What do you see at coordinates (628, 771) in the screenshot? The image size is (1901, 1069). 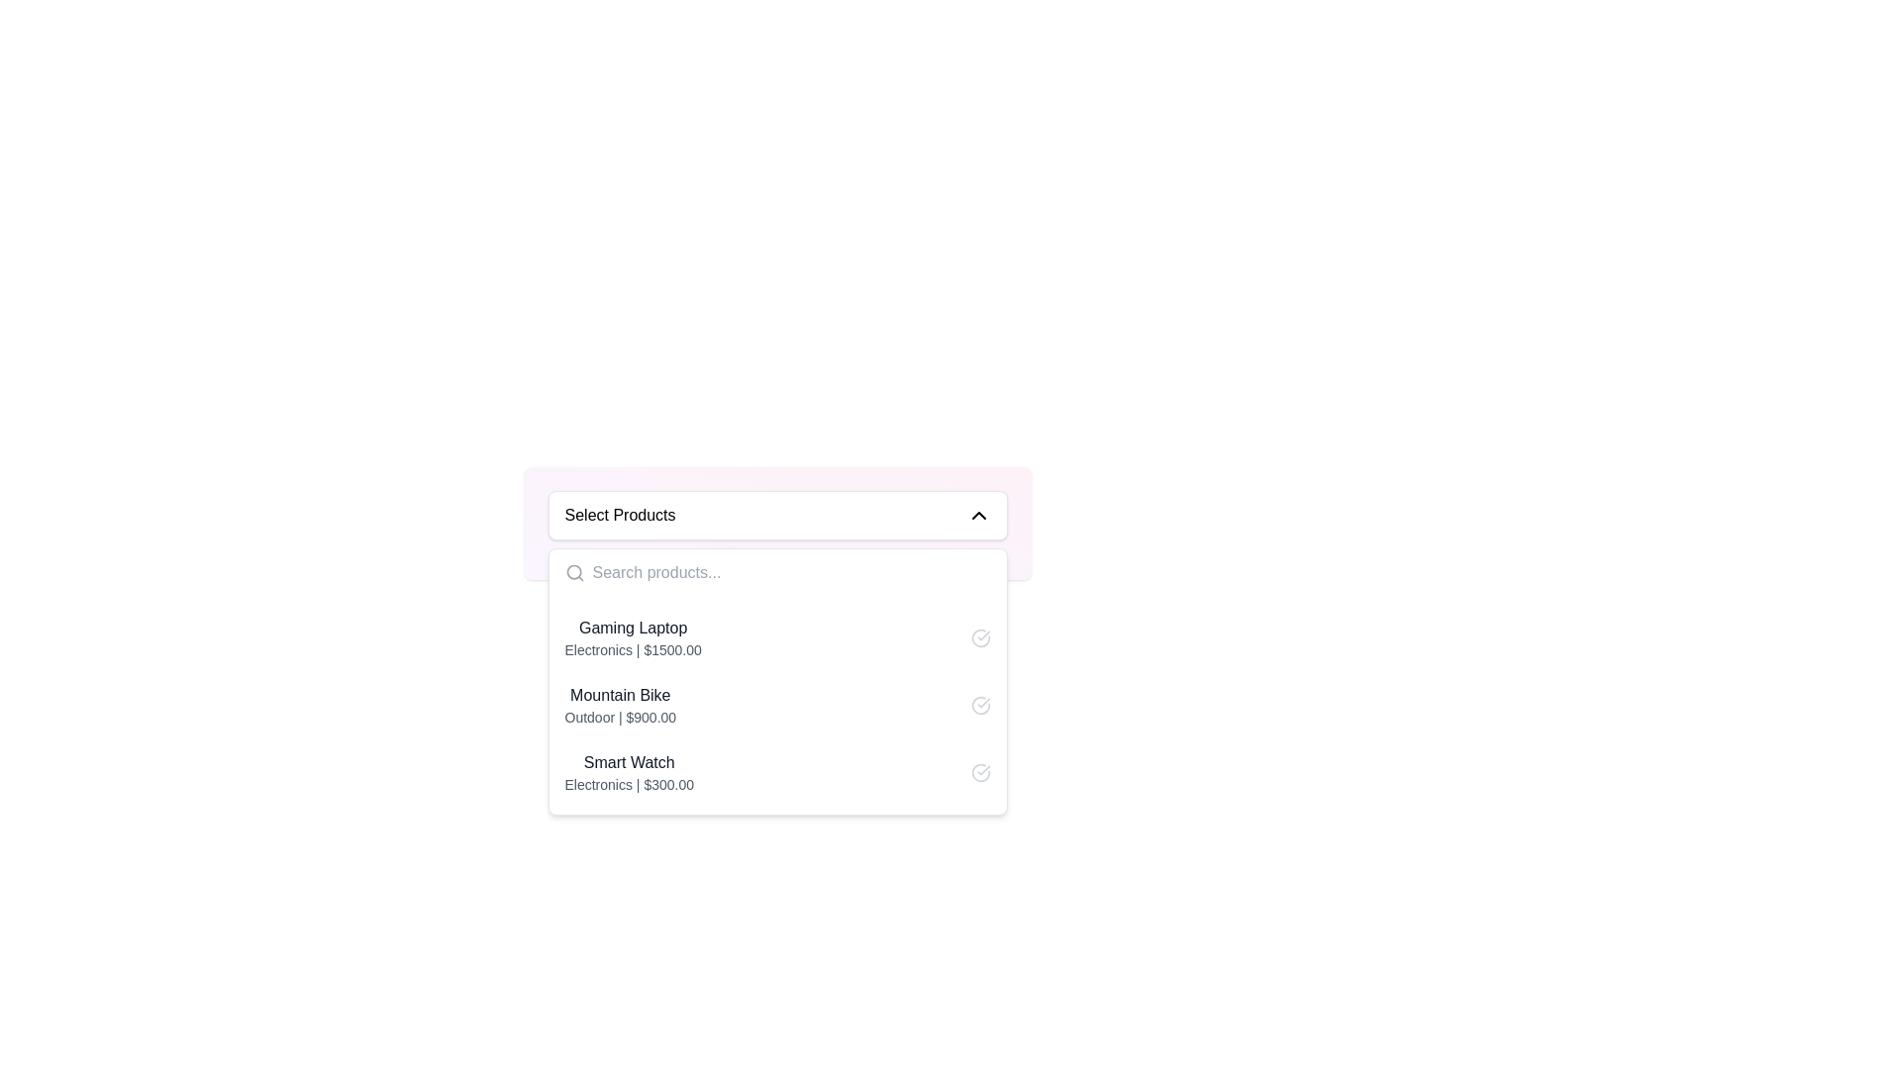 I see `the third item in the dropdown menu labeled 'Smart Watch'` at bounding box center [628, 771].